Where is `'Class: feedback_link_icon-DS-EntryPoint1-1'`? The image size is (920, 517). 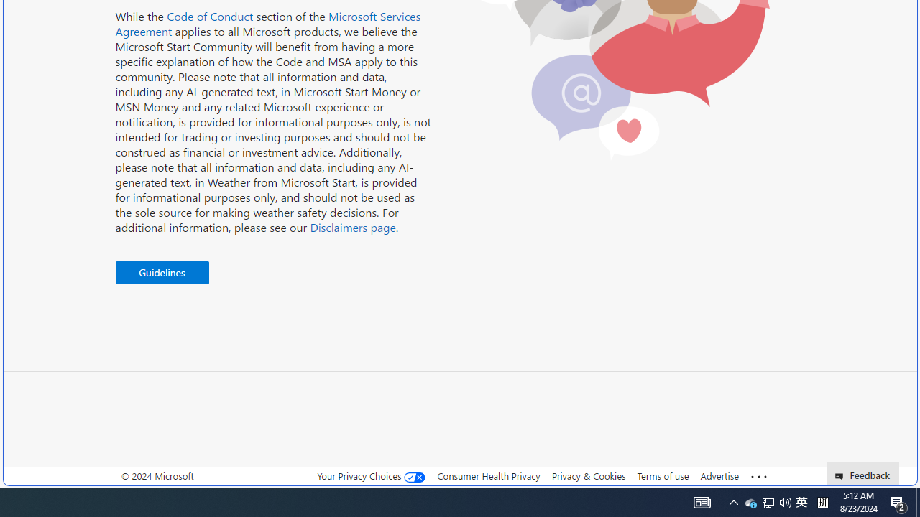 'Class: feedback_link_icon-DS-EntryPoint1-1' is located at coordinates (842, 476).